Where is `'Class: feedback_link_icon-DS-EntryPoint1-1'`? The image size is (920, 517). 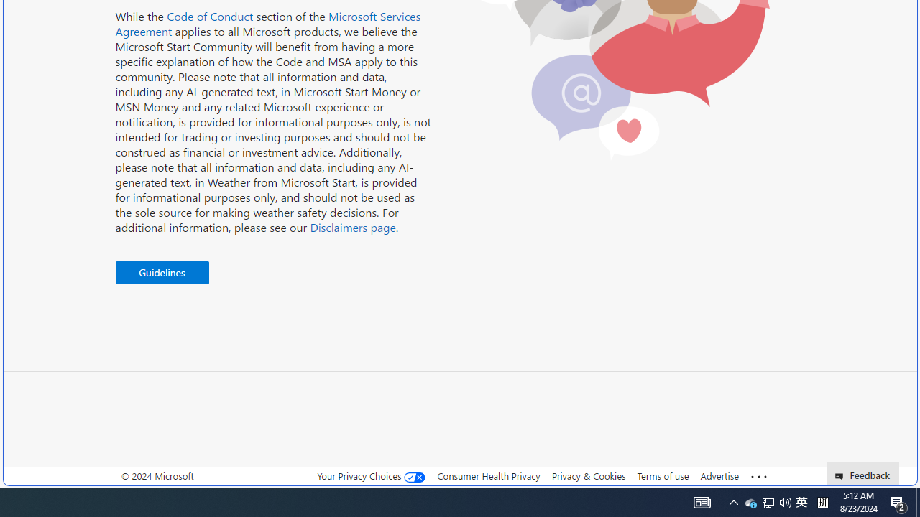 'Class: feedback_link_icon-DS-EntryPoint1-1' is located at coordinates (842, 476).